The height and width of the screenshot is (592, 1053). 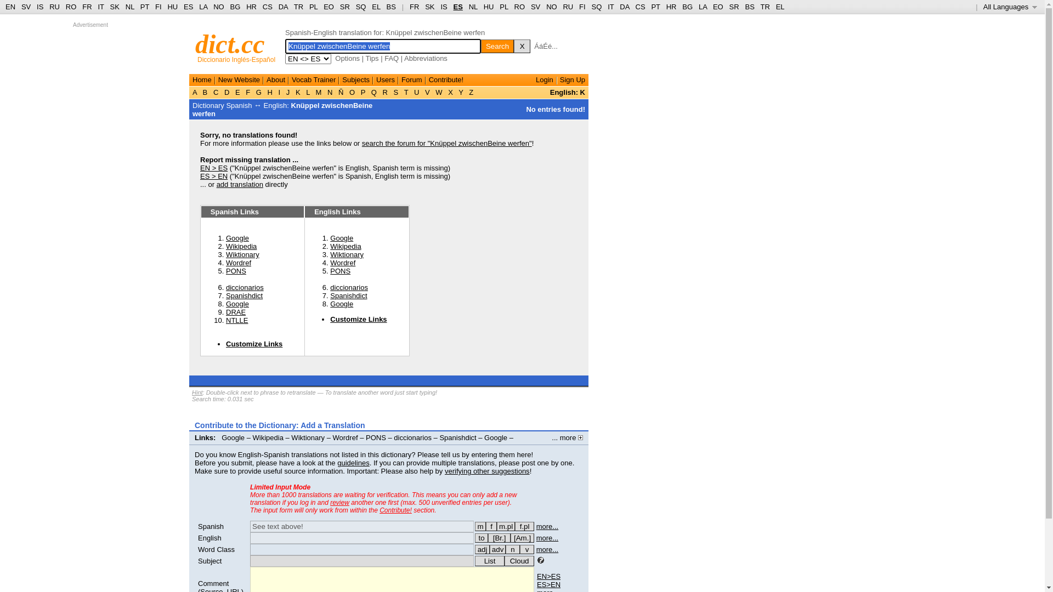 I want to click on 'femenino plural', so click(x=524, y=526).